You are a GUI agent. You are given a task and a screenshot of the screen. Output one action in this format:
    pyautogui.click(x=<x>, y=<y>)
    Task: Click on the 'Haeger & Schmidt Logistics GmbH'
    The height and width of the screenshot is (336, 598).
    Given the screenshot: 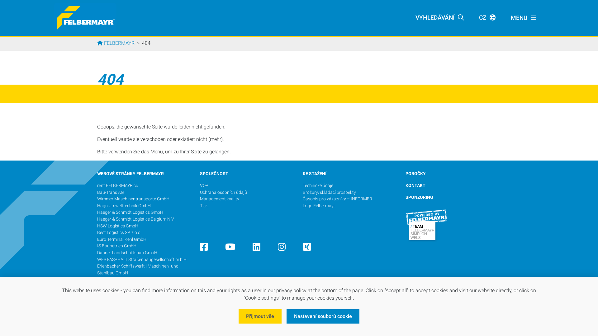 What is the action you would take?
    pyautogui.click(x=130, y=212)
    